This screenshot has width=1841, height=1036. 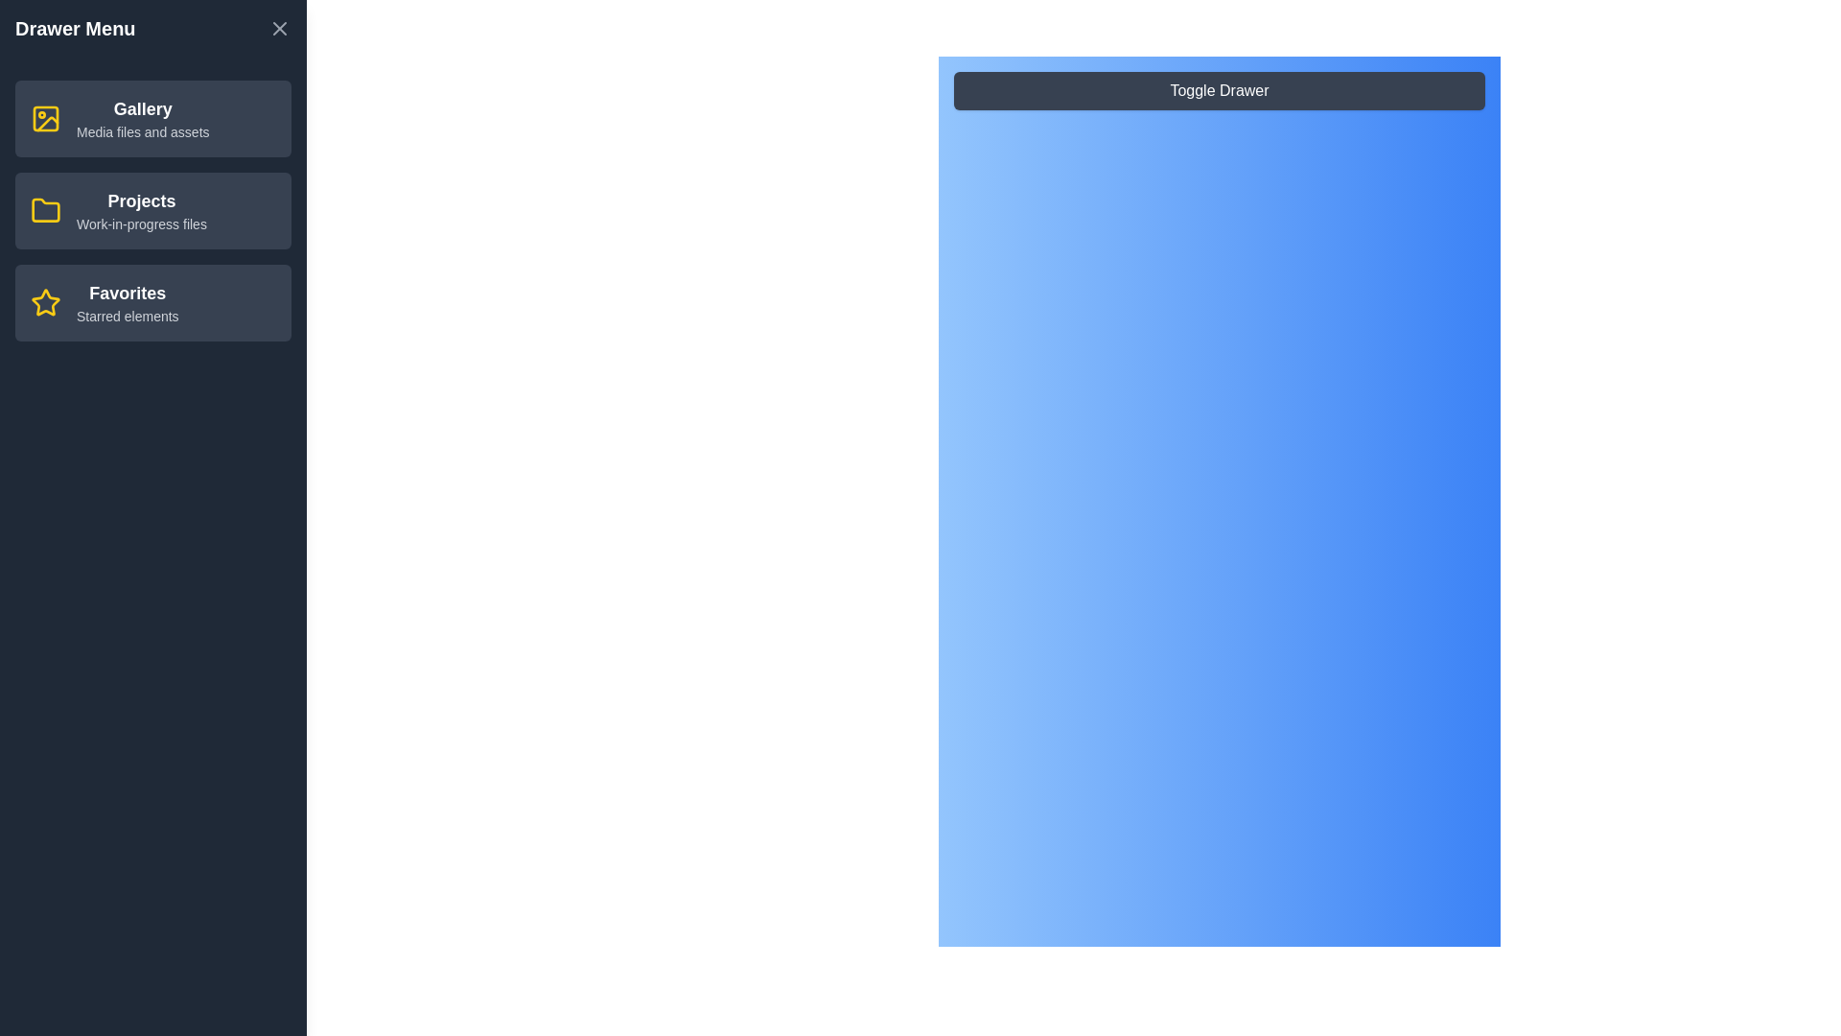 What do you see at coordinates (151, 210) in the screenshot?
I see `the menu item Projects from the drawer` at bounding box center [151, 210].